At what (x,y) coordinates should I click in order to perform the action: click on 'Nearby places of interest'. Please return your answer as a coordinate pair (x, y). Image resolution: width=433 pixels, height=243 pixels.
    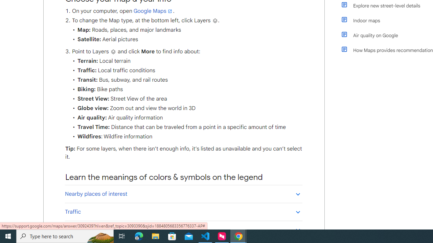
    Looking at the image, I should click on (183, 194).